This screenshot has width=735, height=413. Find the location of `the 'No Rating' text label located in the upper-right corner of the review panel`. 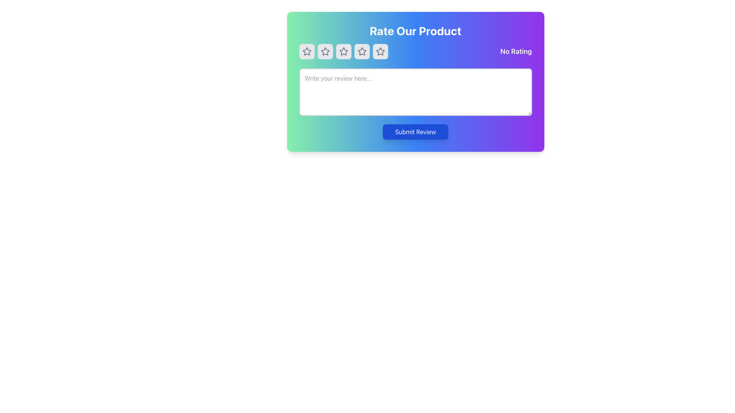

the 'No Rating' text label located in the upper-right corner of the review panel is located at coordinates (516, 52).